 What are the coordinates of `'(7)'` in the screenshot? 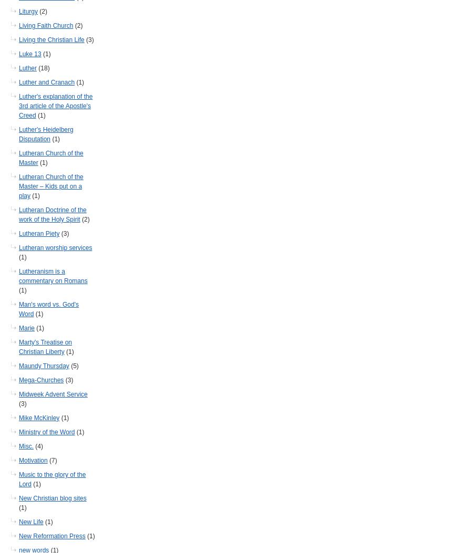 It's located at (51, 461).